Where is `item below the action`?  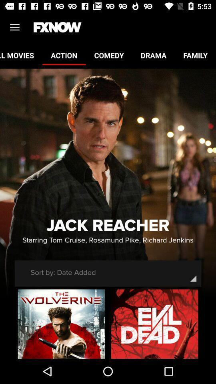 item below the action is located at coordinates (108, 226).